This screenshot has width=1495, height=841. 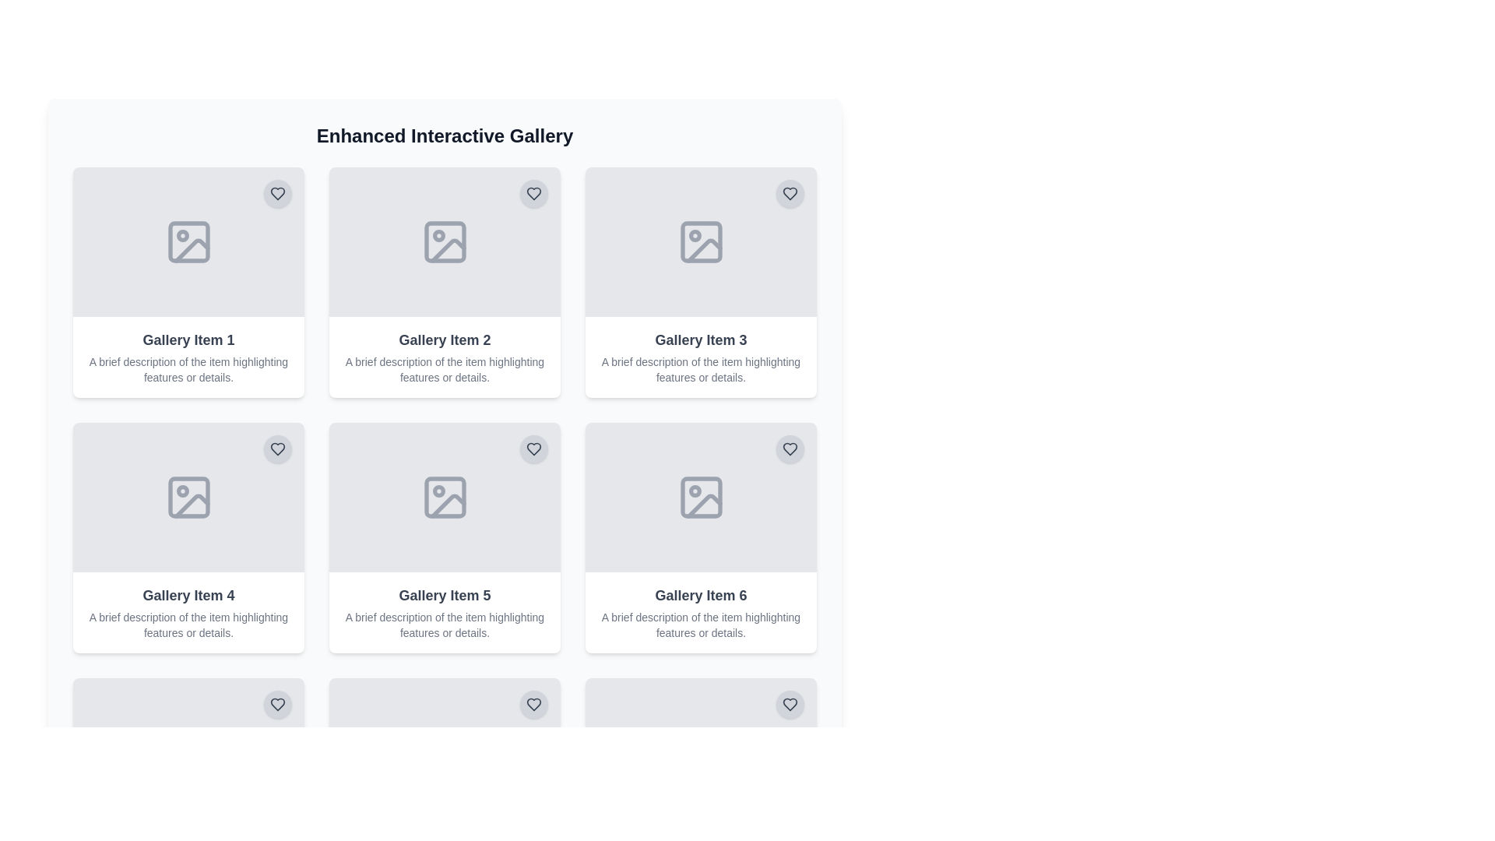 What do you see at coordinates (534, 705) in the screenshot?
I see `the favorite button located in the top-right corner of the gallery item in the second row and third column to observe any hover effects` at bounding box center [534, 705].